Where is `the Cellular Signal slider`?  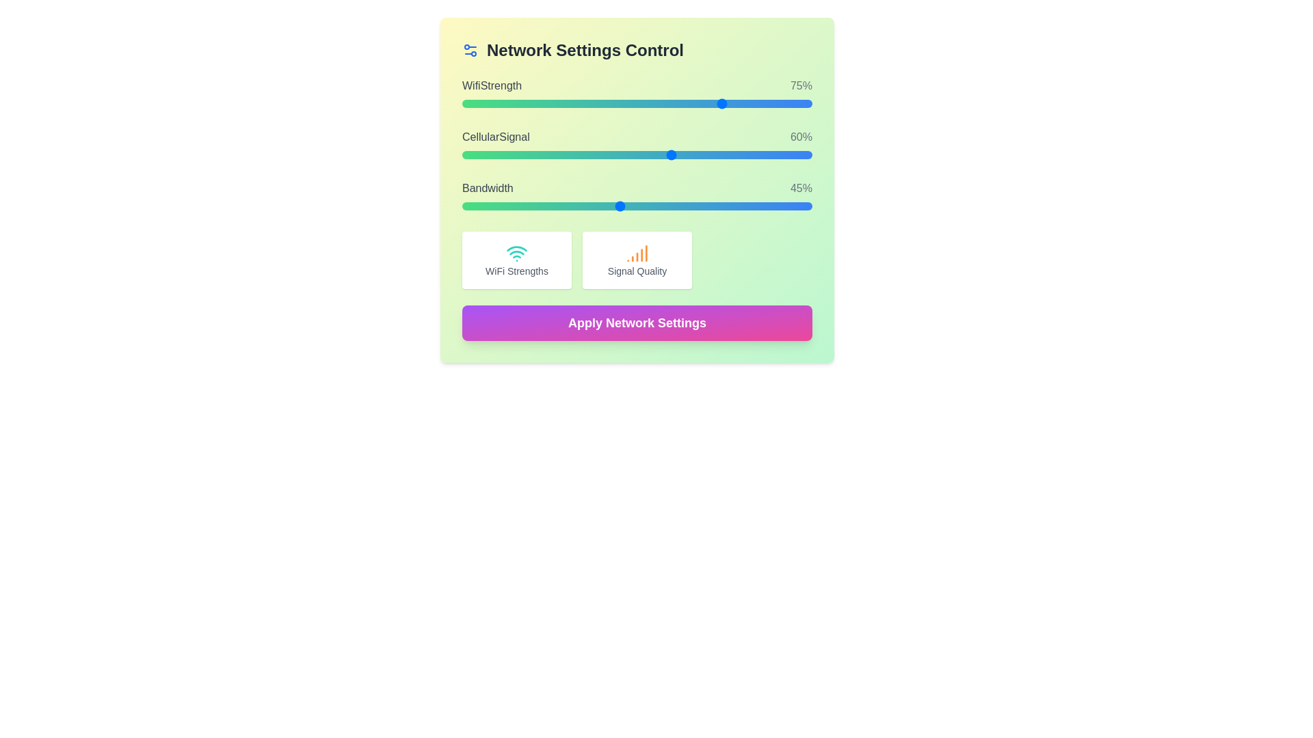 the Cellular Signal slider is located at coordinates (713, 154).